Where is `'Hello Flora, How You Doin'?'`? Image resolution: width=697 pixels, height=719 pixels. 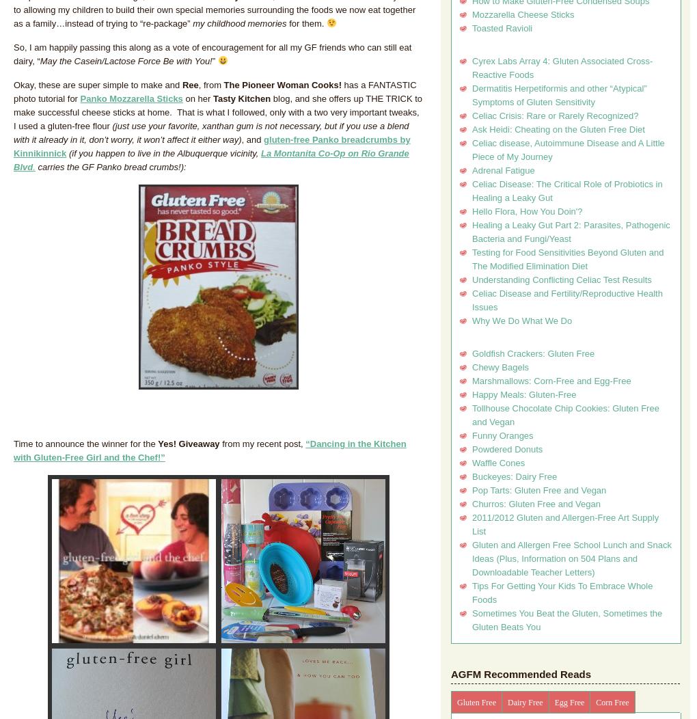 'Hello Flora, How You Doin'?' is located at coordinates (526, 211).